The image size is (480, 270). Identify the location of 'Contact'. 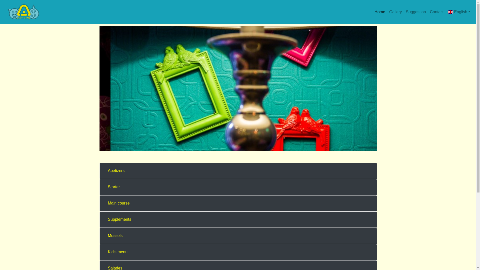
(436, 11).